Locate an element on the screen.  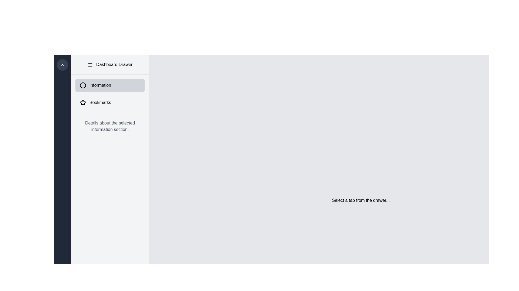
the 'Information' button, which is a rectangular button with a light gray background and an 'i' icon, positioned in the sidebar above 'Bookmarks' is located at coordinates (110, 85).